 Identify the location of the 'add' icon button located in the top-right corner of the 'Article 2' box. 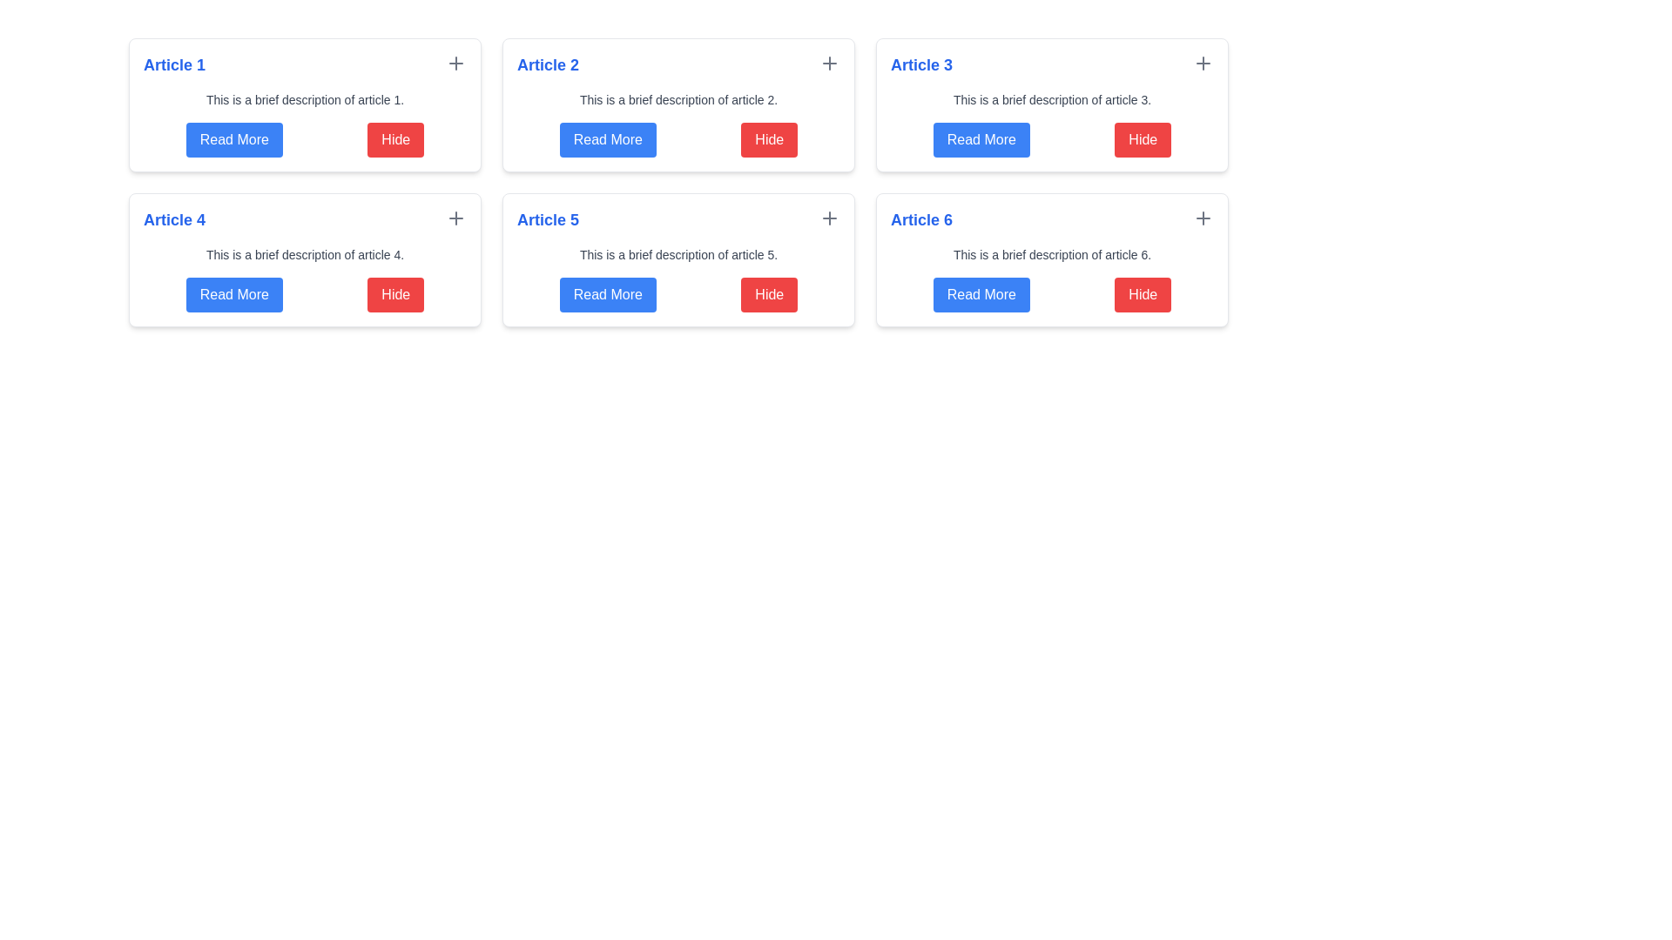
(829, 63).